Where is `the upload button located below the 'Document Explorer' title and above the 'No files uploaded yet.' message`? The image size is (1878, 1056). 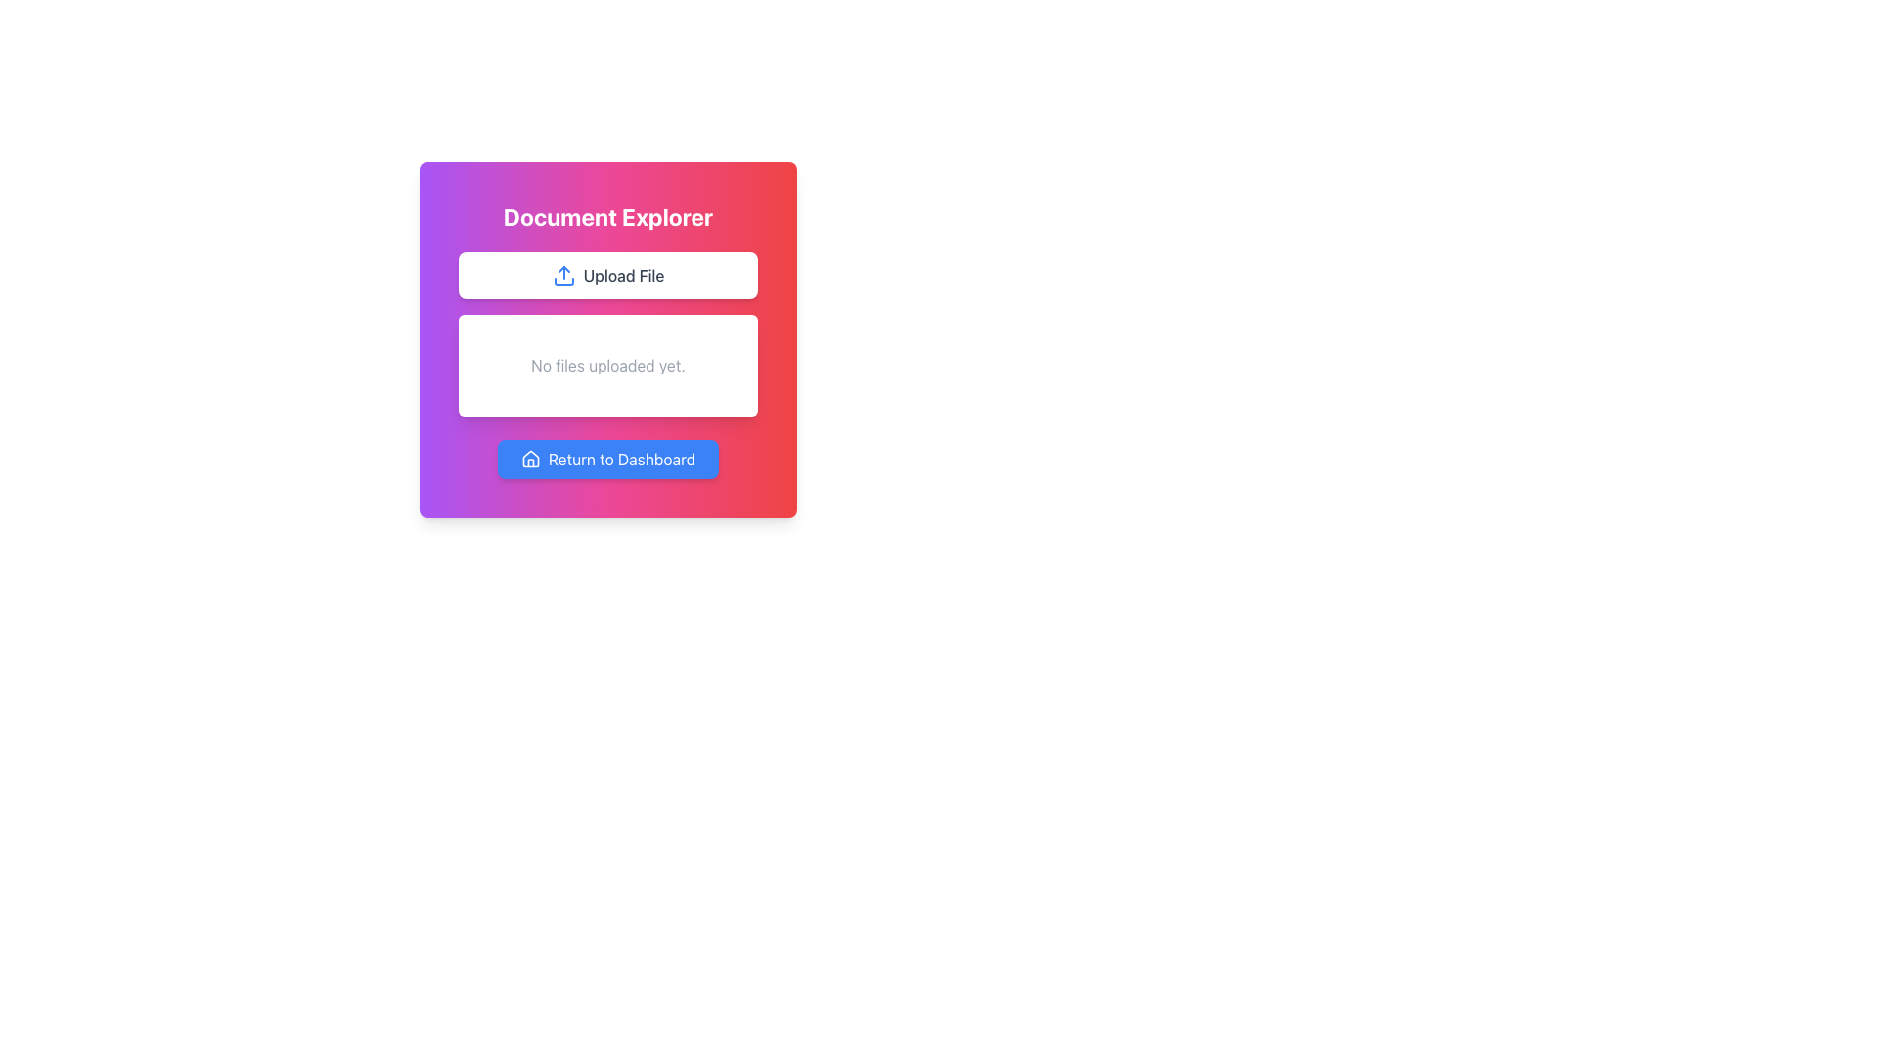 the upload button located below the 'Document Explorer' title and above the 'No files uploaded yet.' message is located at coordinates (607, 275).